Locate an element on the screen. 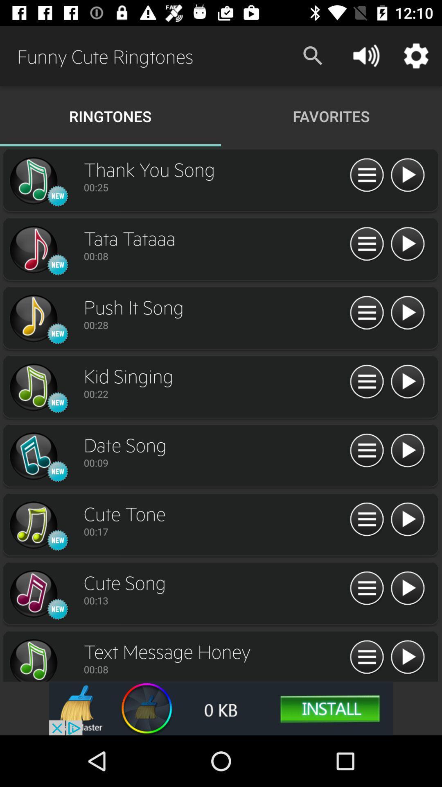 Image resolution: width=442 pixels, height=787 pixels. song is located at coordinates (407, 519).